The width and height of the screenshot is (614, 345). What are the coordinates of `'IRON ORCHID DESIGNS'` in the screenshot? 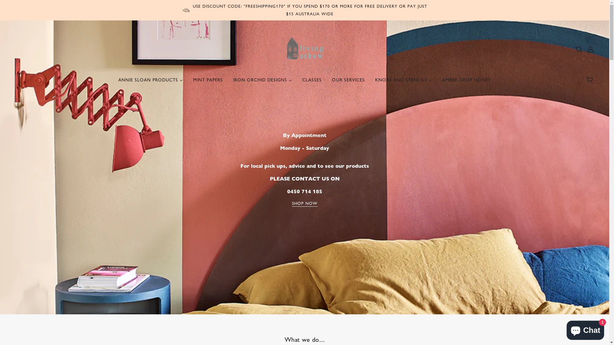 It's located at (262, 82).